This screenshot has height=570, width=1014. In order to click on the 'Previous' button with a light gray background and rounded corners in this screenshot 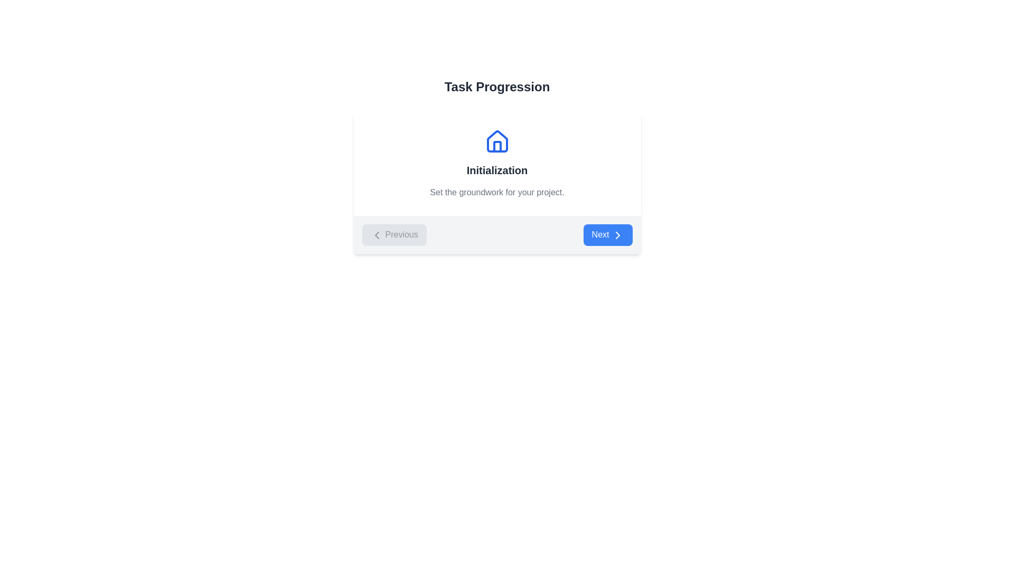, I will do `click(393, 234)`.